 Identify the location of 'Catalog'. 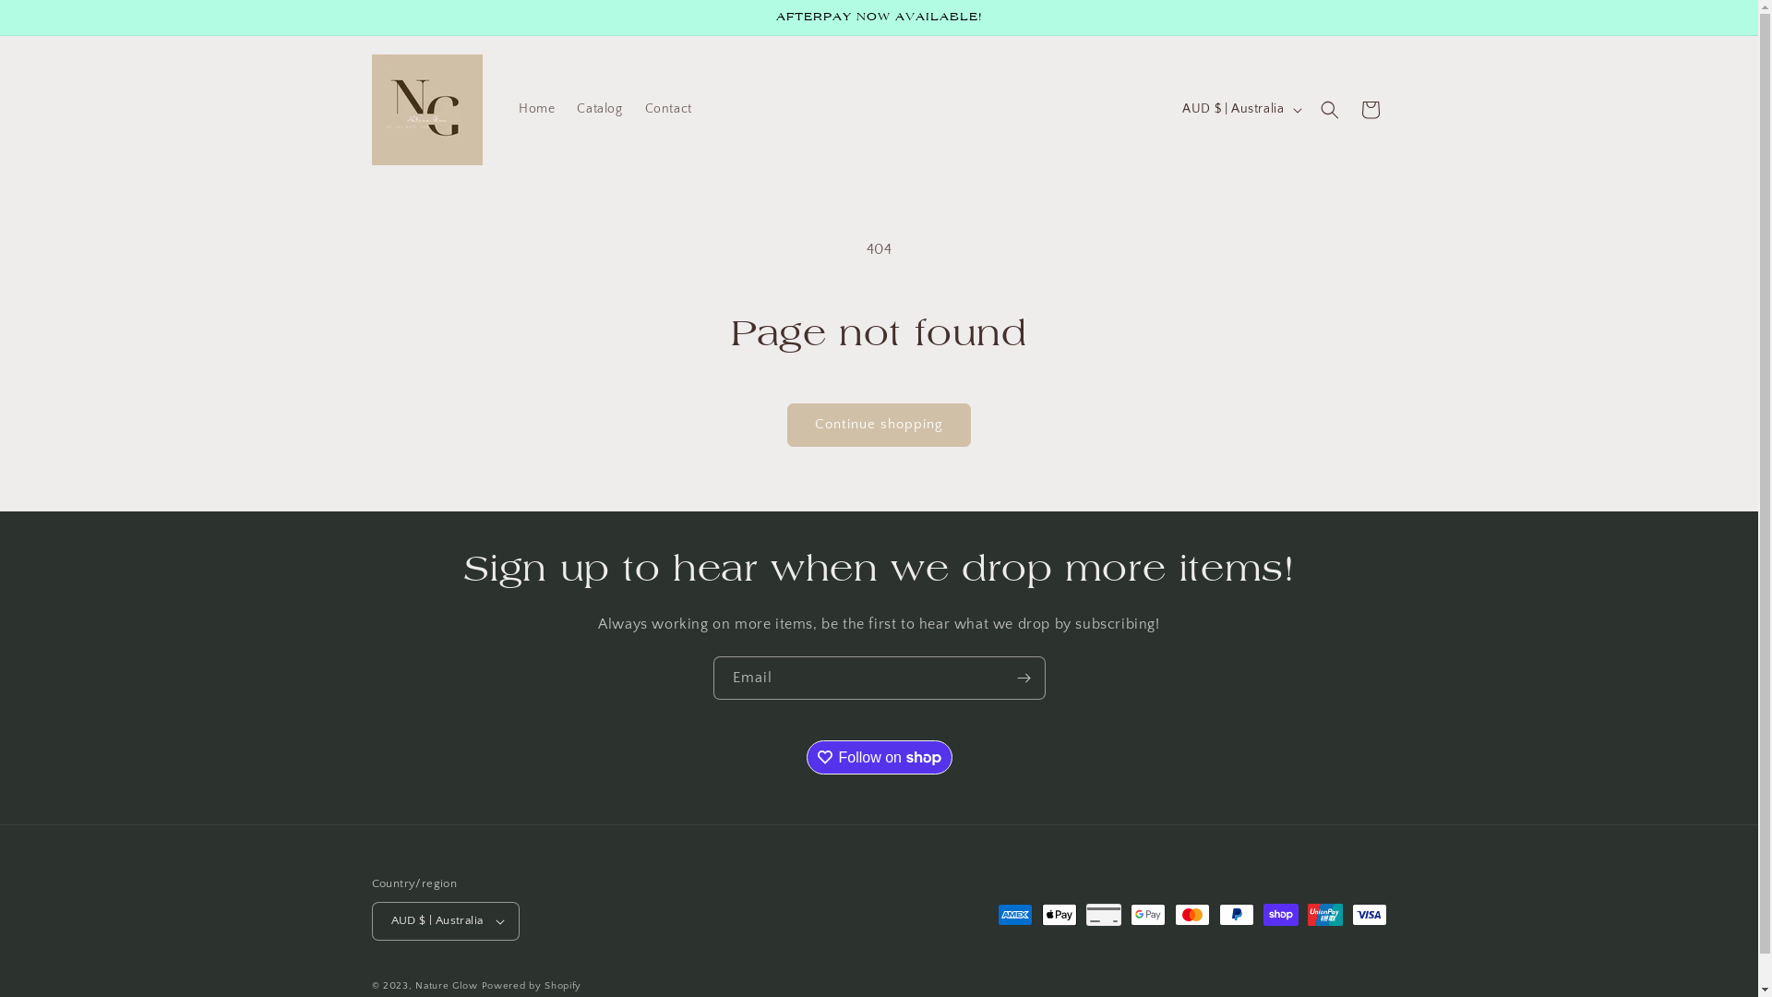
(599, 109).